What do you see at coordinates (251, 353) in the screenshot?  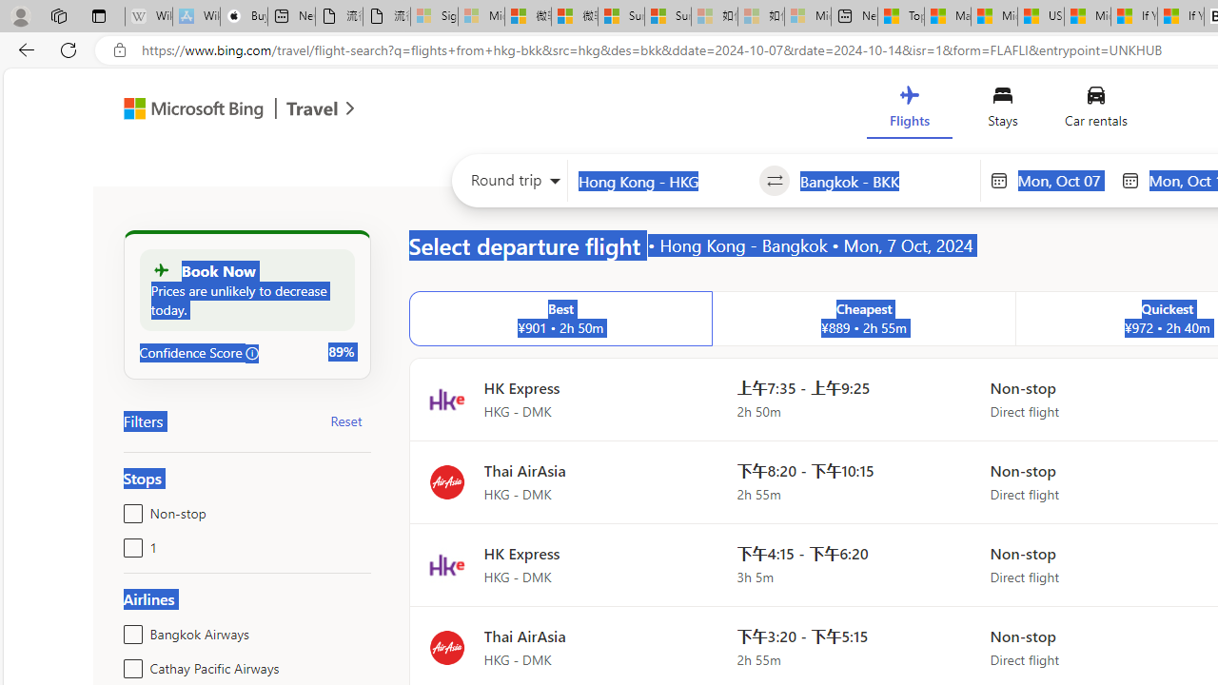 I see `'Info tooltip'` at bounding box center [251, 353].